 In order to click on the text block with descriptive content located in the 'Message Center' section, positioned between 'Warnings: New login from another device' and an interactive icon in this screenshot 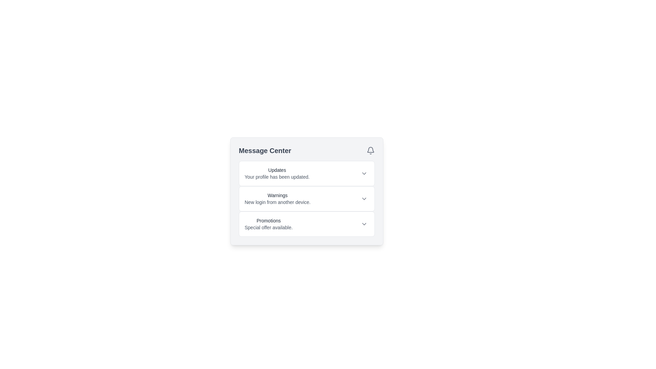, I will do `click(268, 224)`.